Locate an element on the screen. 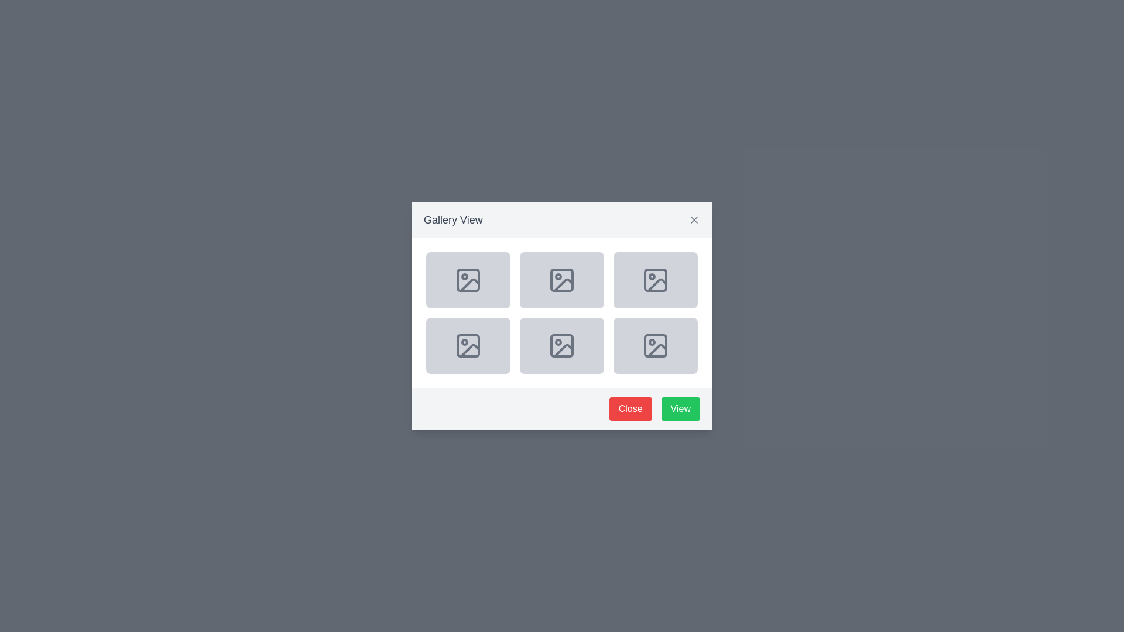 Image resolution: width=1124 pixels, height=632 pixels. the 'Gallery View' text label located at the top left of the modal interface, styled in medium font weight and gray color is located at coordinates (453, 219).